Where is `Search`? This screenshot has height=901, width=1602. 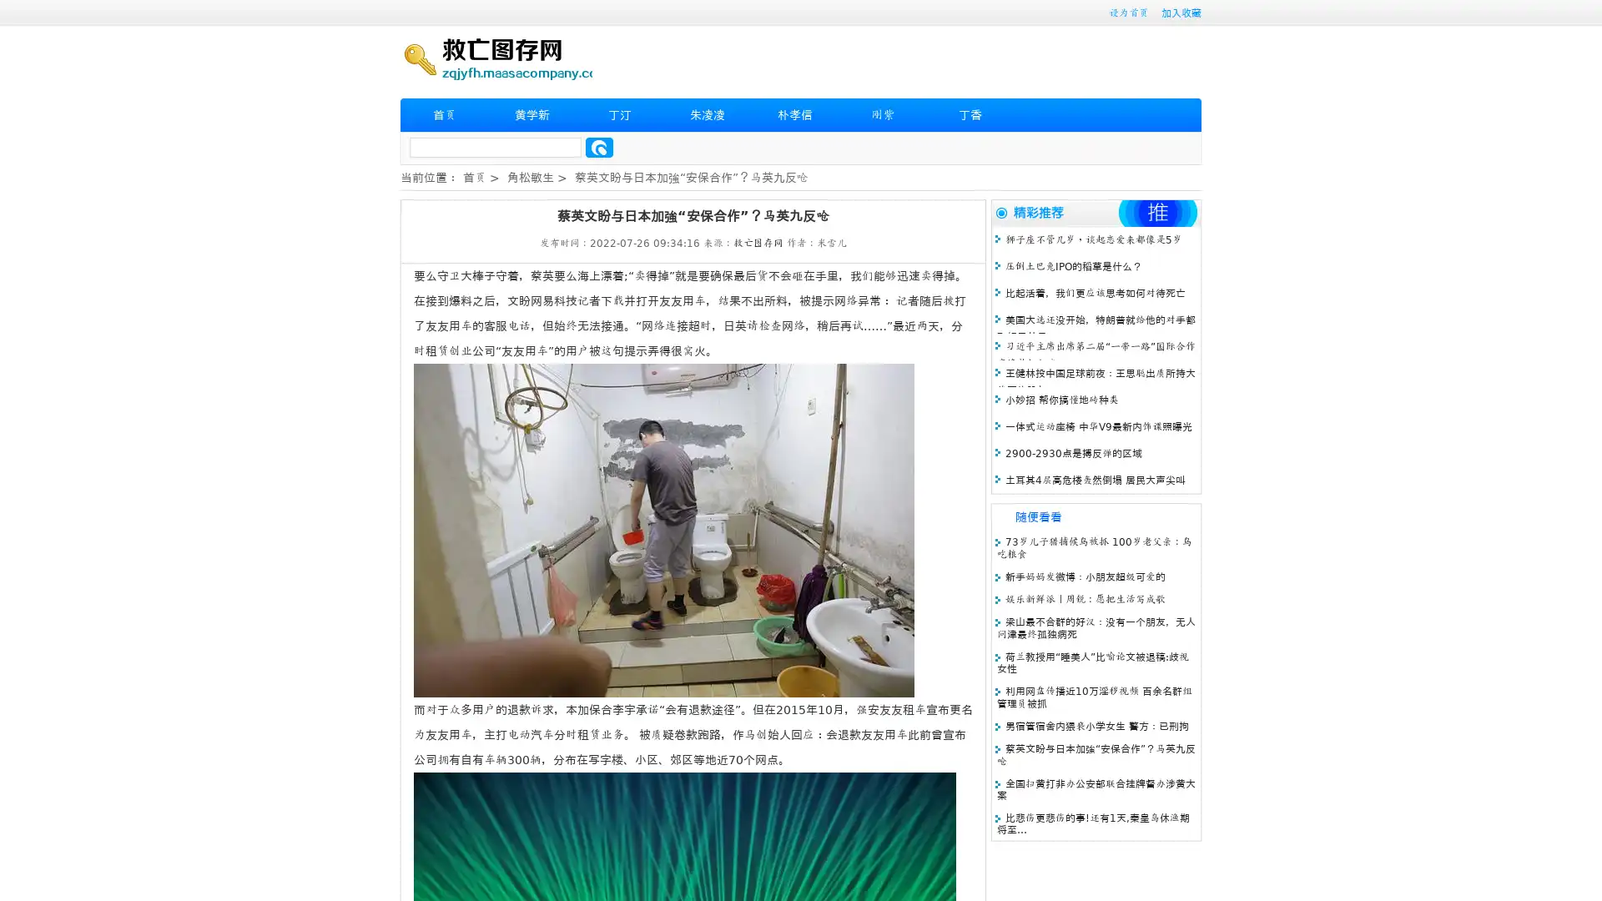
Search is located at coordinates (599, 147).